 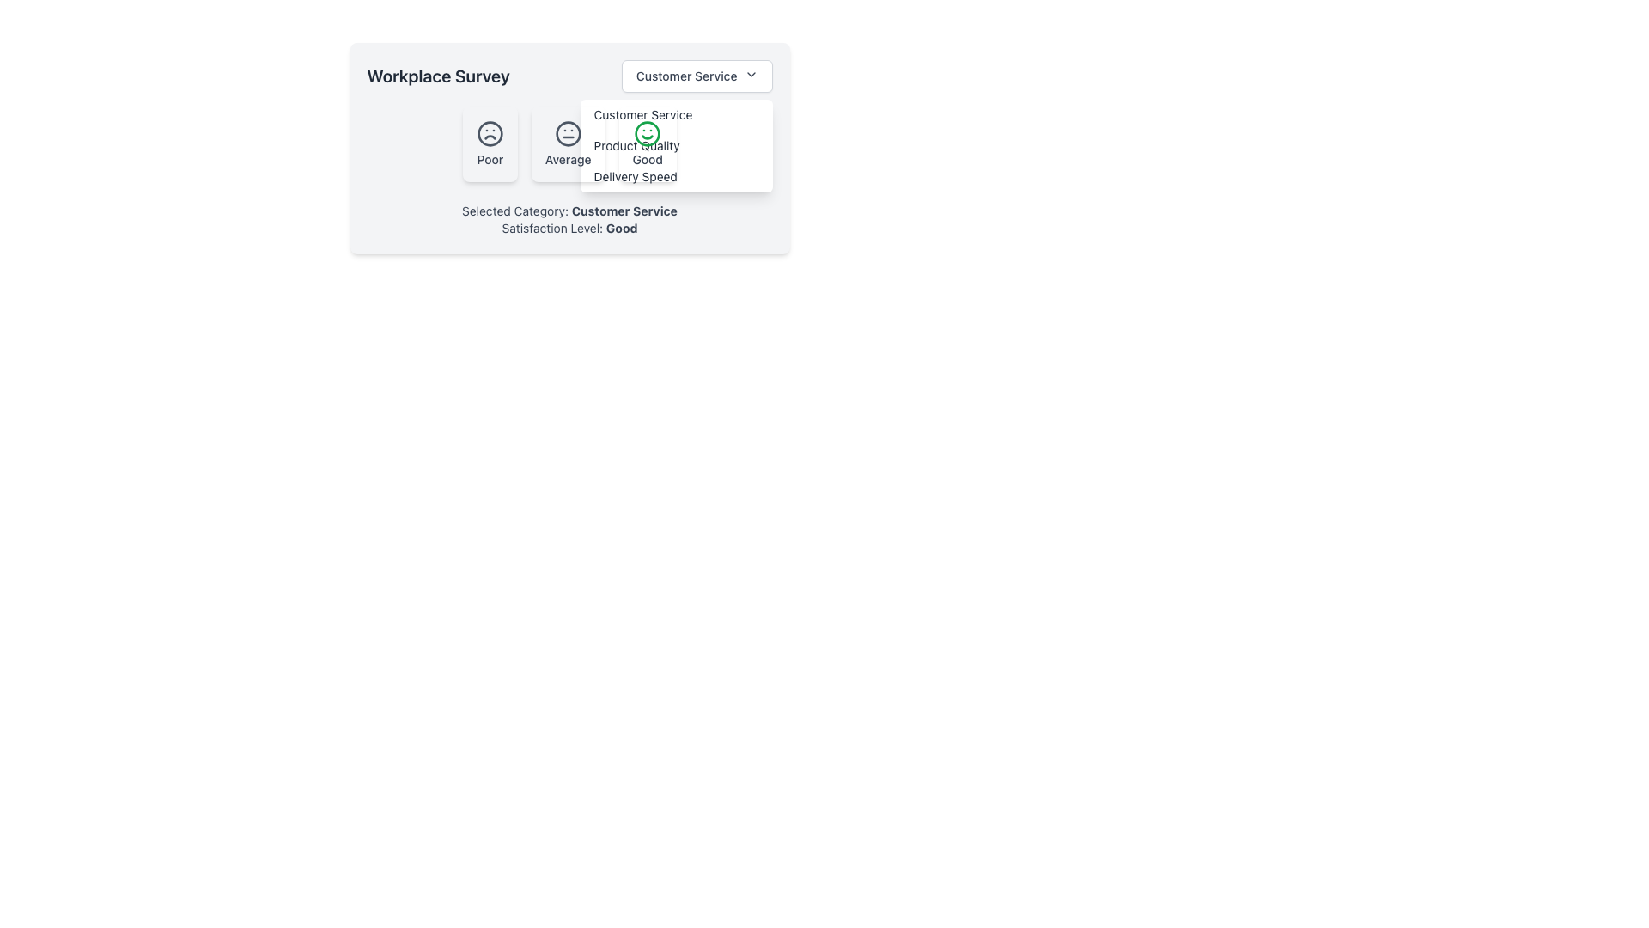 I want to click on the text label displaying 'Good', so click(x=621, y=227).